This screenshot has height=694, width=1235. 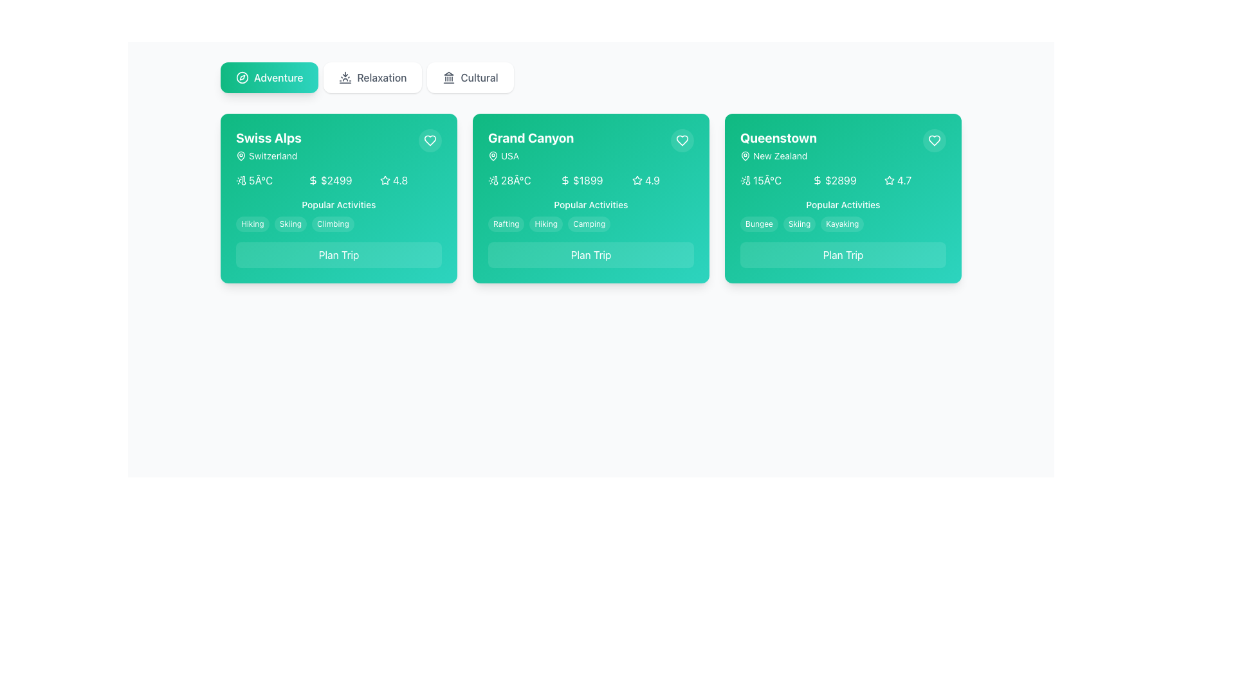 I want to click on the informational display component that shows '5°C', '$2499', and '4.8' ratings, located in the lower half of the 'Swiss Alps' card in the 'Adventure' section, so click(x=339, y=181).